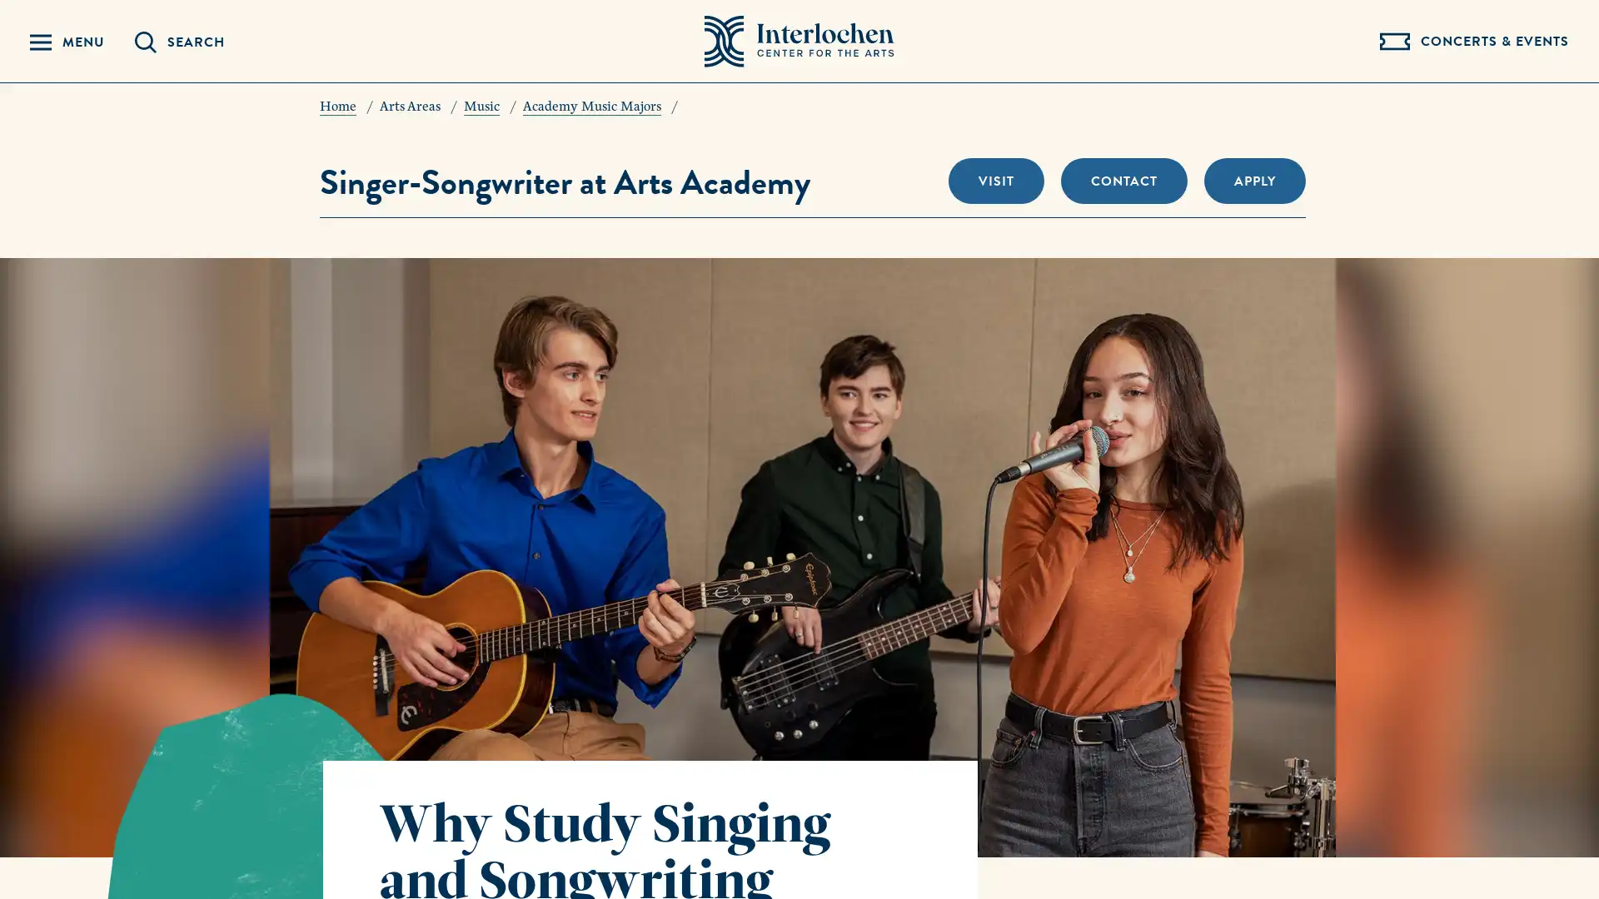  Describe the element at coordinates (67, 41) in the screenshot. I see `Reveal Navigation` at that location.